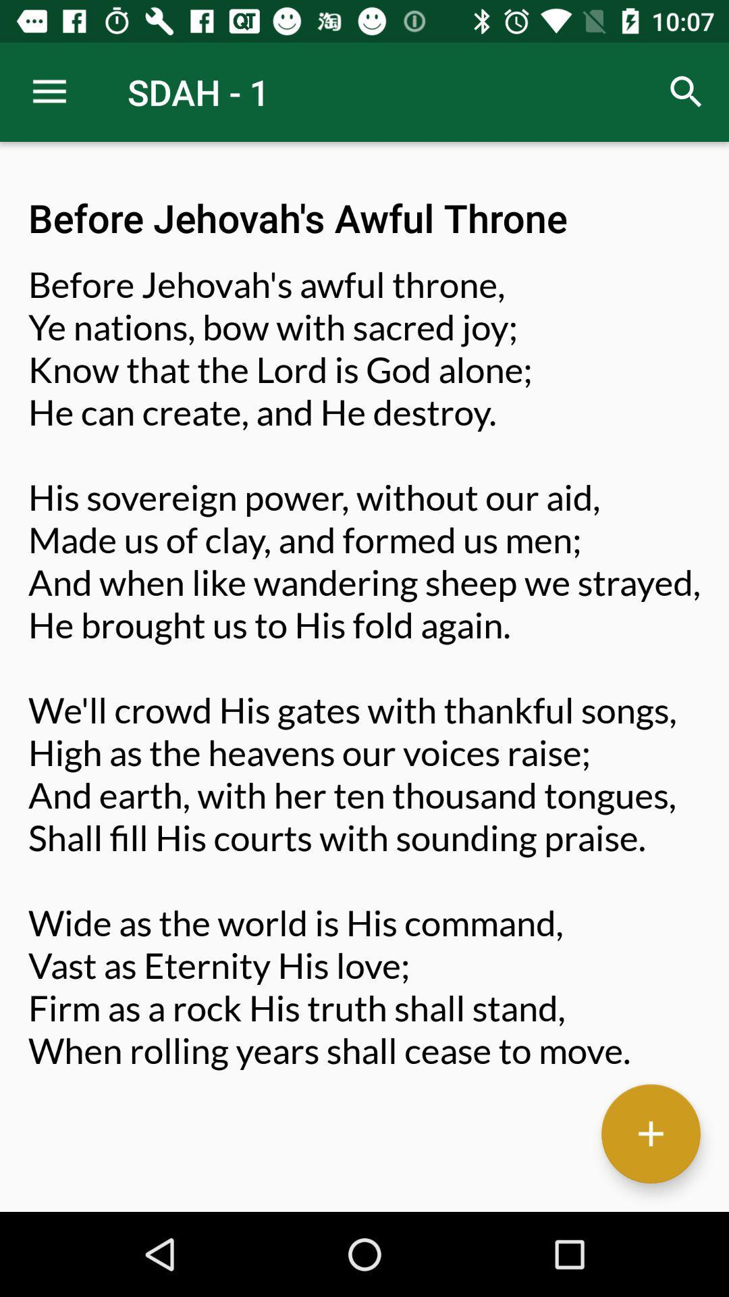 The image size is (729, 1297). Describe the element at coordinates (49, 91) in the screenshot. I see `the icon above before jehovah s item` at that location.